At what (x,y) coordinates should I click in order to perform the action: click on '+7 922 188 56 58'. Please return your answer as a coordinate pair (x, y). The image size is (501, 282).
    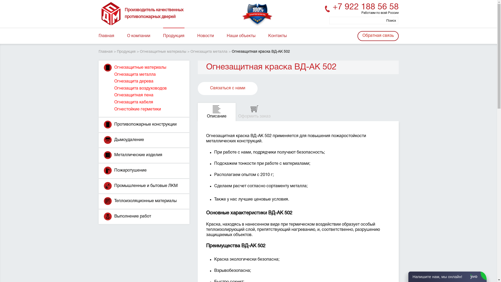
    Looking at the image, I should click on (365, 7).